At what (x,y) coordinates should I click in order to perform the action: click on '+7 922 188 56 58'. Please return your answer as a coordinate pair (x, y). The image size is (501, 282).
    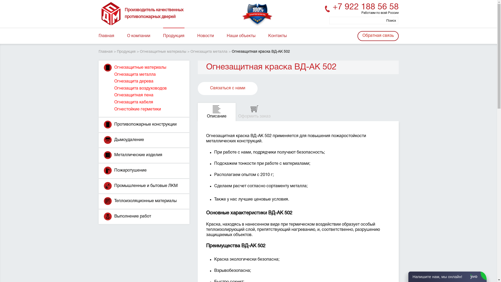
    Looking at the image, I should click on (365, 7).